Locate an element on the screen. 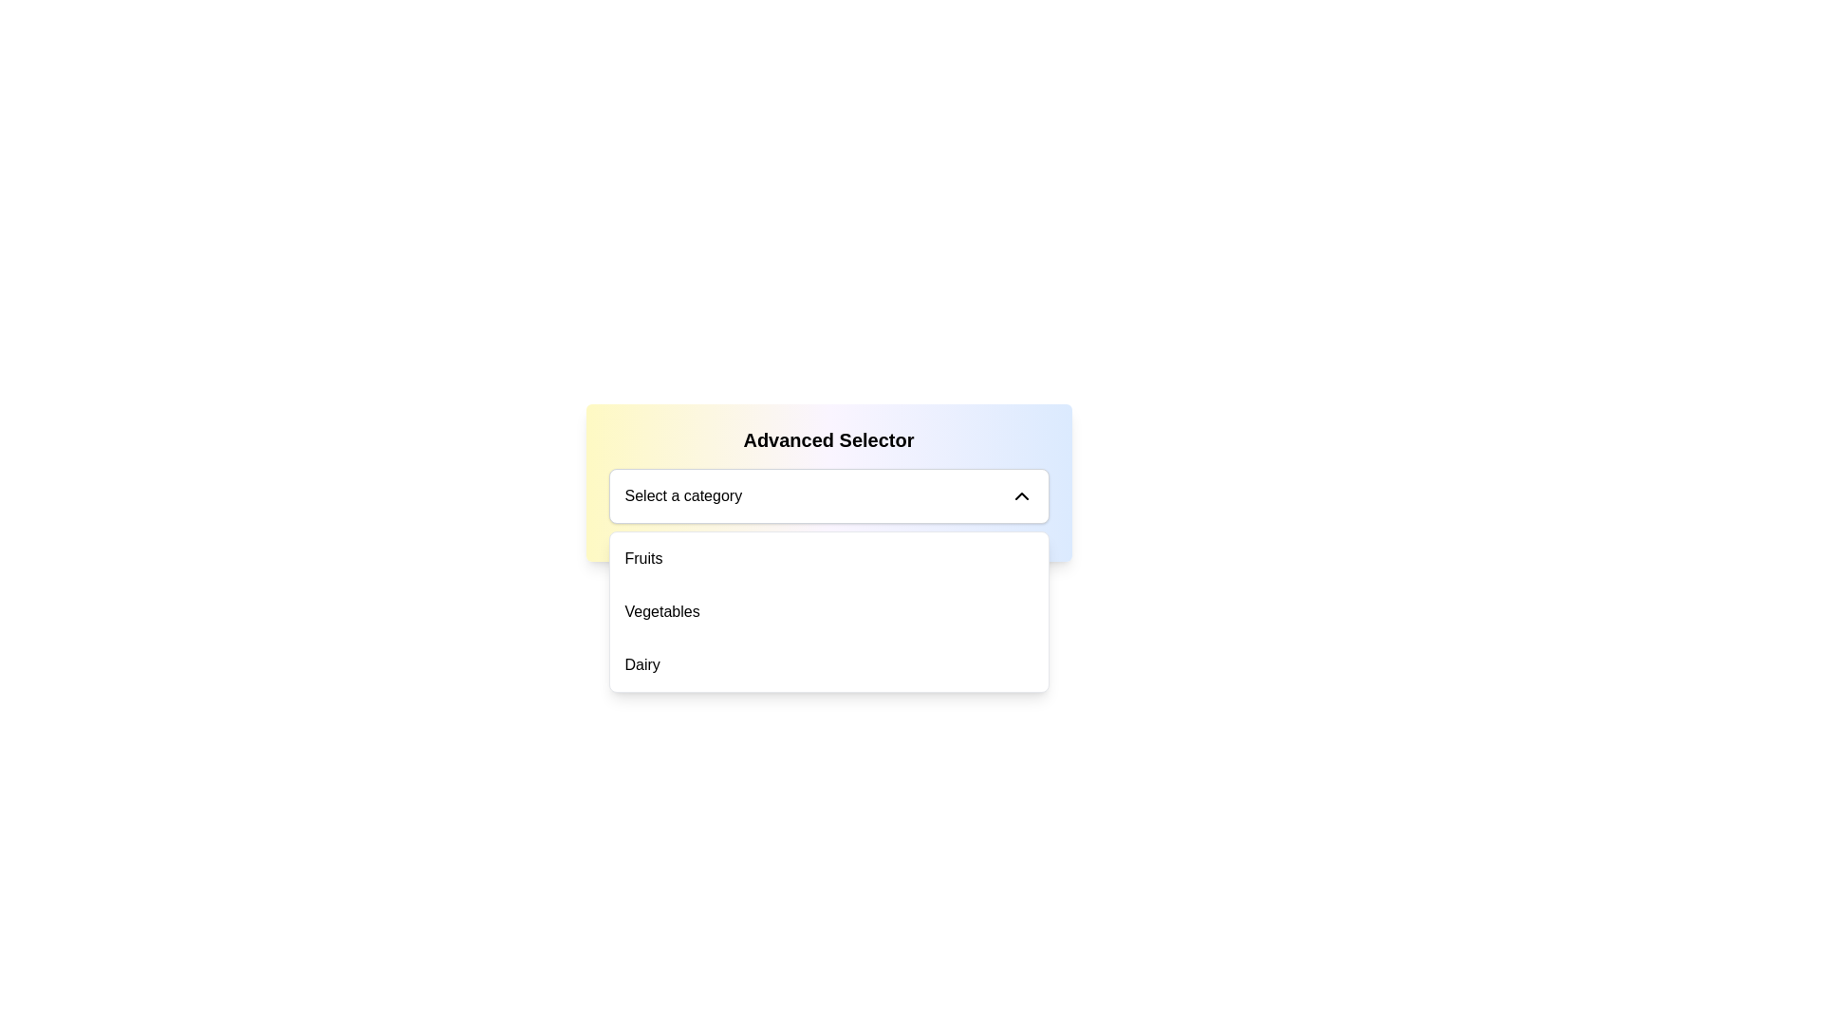 The height and width of the screenshot is (1025, 1822). the 'Dairy' category item in the dropdown menu is located at coordinates (642, 664).